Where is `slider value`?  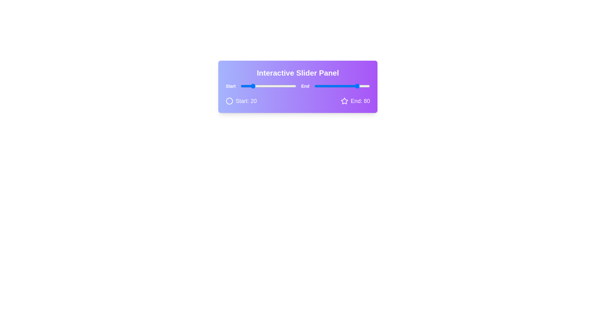 slider value is located at coordinates (282, 86).